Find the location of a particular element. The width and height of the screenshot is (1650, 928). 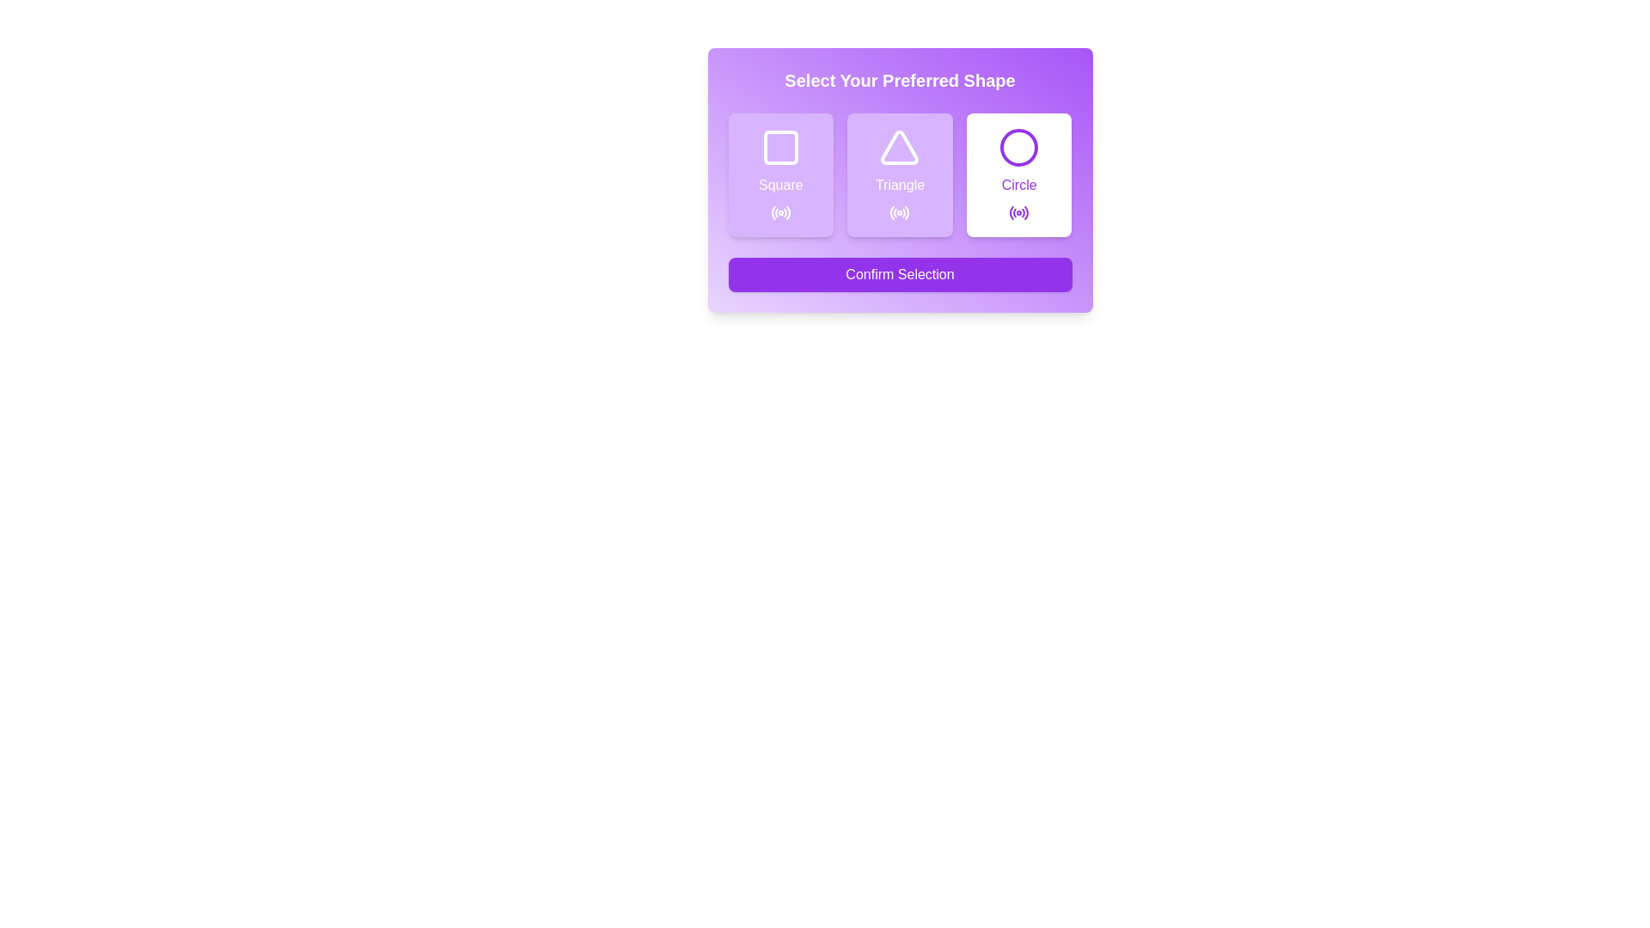

the circular icon with radiating lines symbolizing a radio signal, located in the 'Circle' option card, below the circular outline and above the caption 'circle' is located at coordinates (1019, 211).